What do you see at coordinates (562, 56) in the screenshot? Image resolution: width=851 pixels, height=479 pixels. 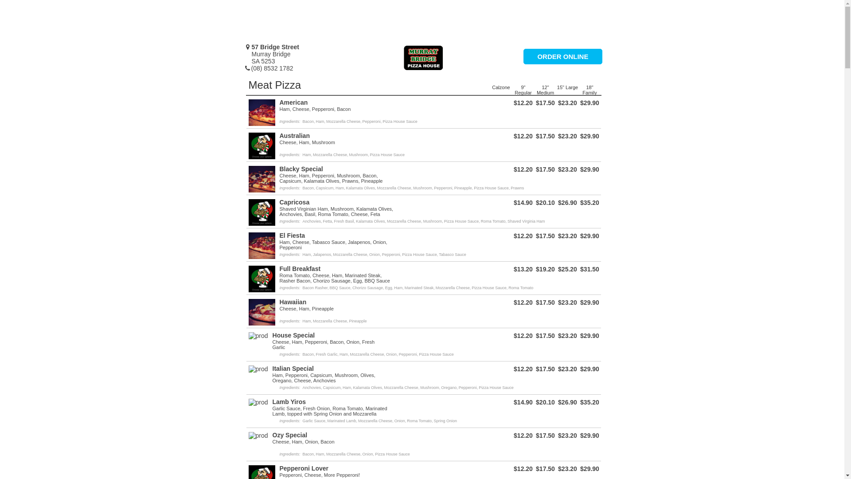 I see `'ORDER ONLINE'` at bounding box center [562, 56].